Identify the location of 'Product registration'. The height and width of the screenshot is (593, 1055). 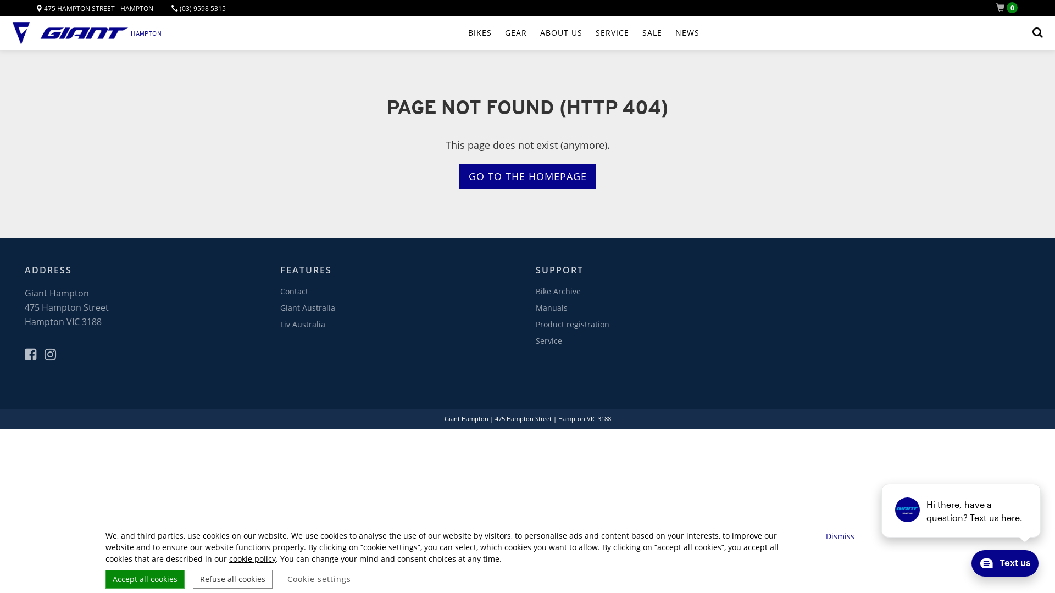
(571, 323).